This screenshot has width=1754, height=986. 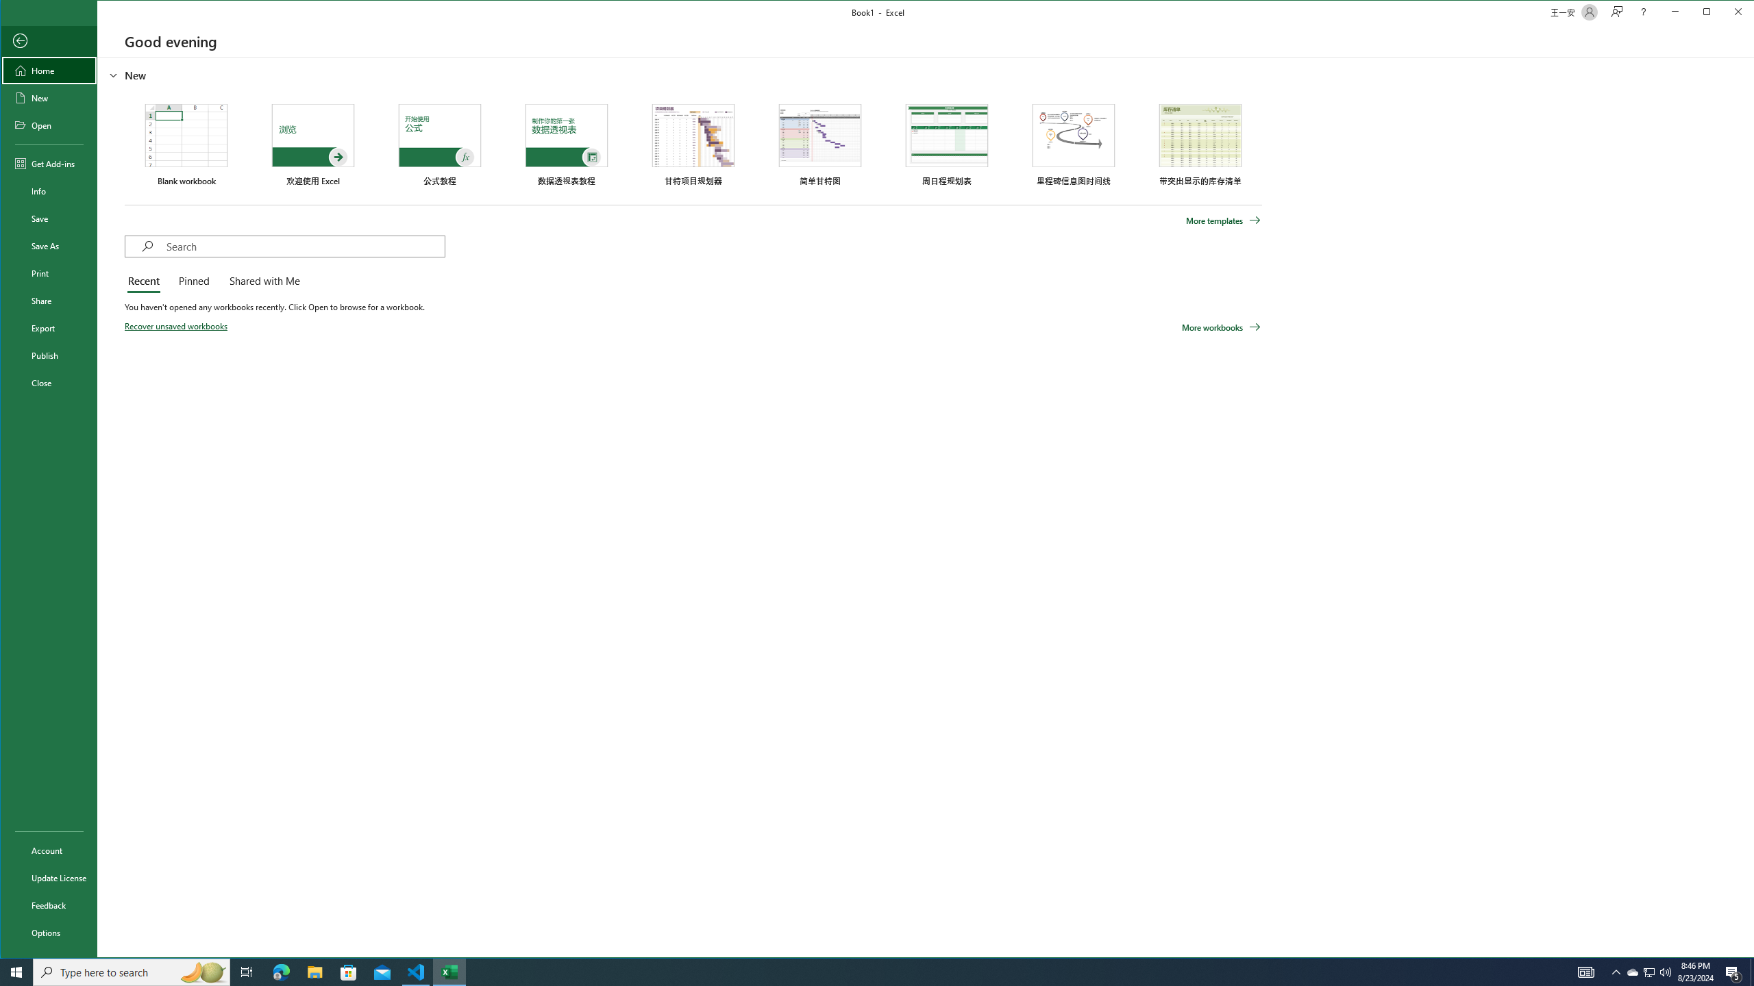 I want to click on 'Update License', so click(x=48, y=876).